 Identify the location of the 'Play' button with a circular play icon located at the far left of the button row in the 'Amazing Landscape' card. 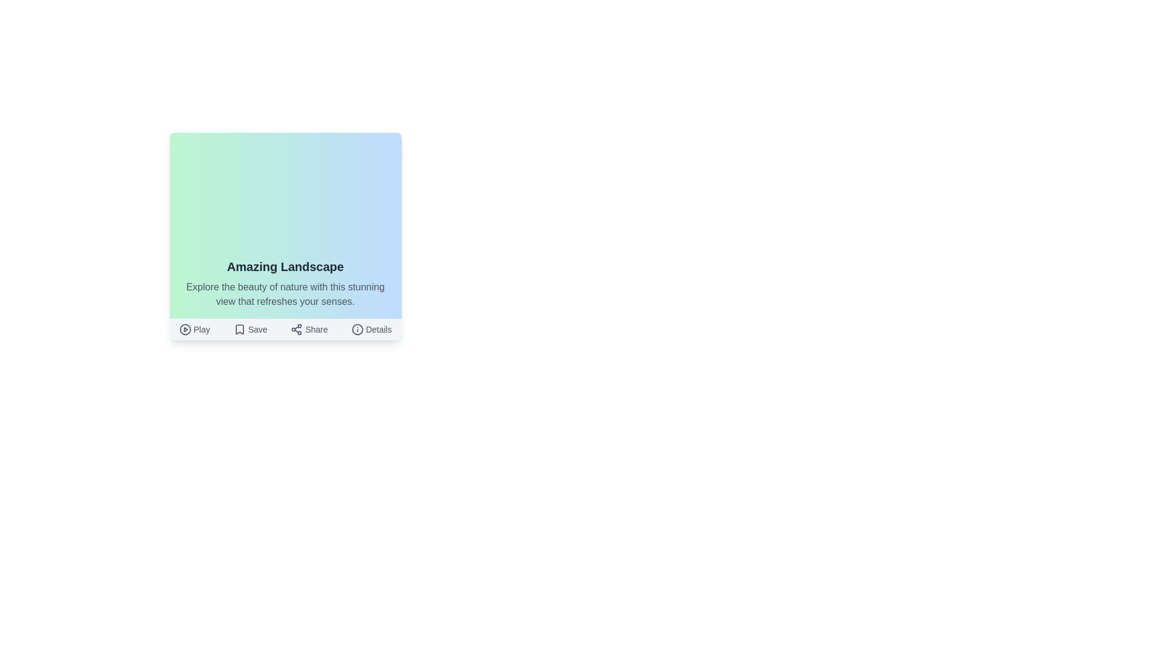
(195, 330).